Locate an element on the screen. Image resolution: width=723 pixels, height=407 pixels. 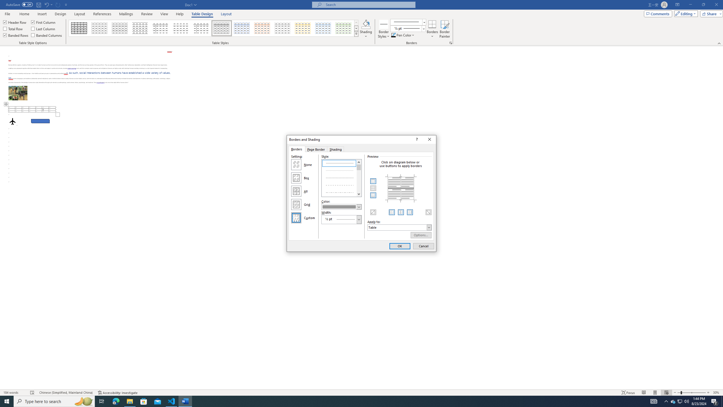
'Line up' is located at coordinates (359, 162).